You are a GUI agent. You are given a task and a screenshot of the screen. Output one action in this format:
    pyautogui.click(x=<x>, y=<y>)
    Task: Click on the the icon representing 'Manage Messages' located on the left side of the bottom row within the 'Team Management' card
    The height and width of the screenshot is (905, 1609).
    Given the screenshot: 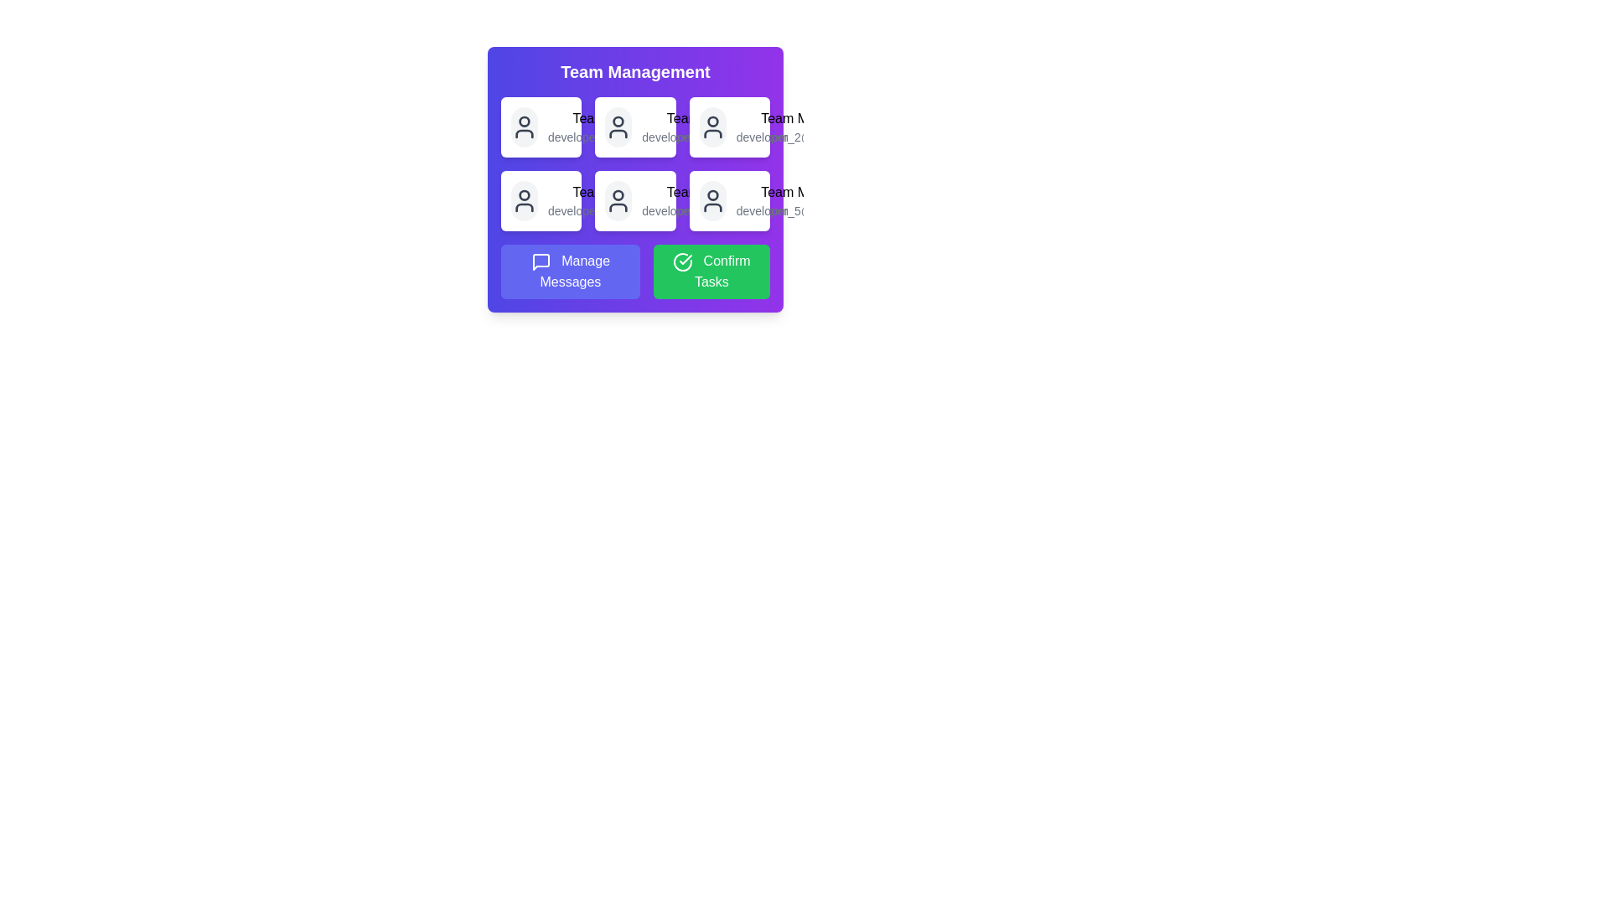 What is the action you would take?
    pyautogui.click(x=541, y=261)
    